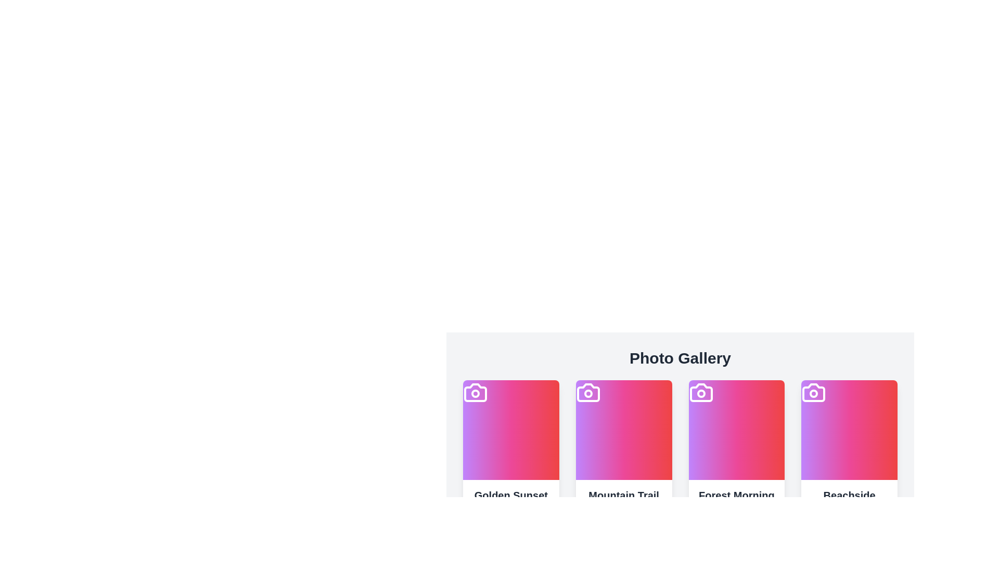 The image size is (999, 561). What do you see at coordinates (701, 394) in the screenshot?
I see `the lens icon of the camera, which is a smaller circle located near the center of the camera icon at the top-left corner of the third card in a horizontal gallery of four cards` at bounding box center [701, 394].